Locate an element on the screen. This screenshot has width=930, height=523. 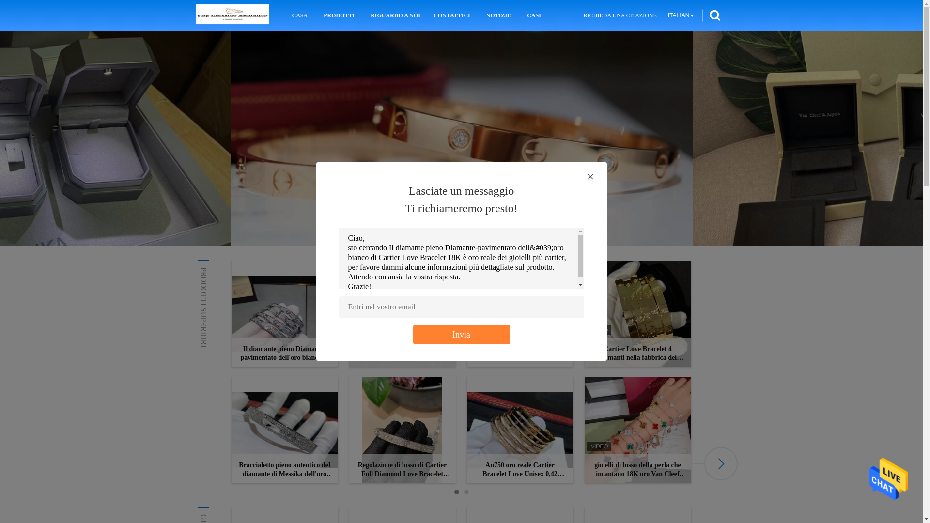
'La CINA gioielli del diamante dell'oro 18k fabbricante' is located at coordinates (232, 15).